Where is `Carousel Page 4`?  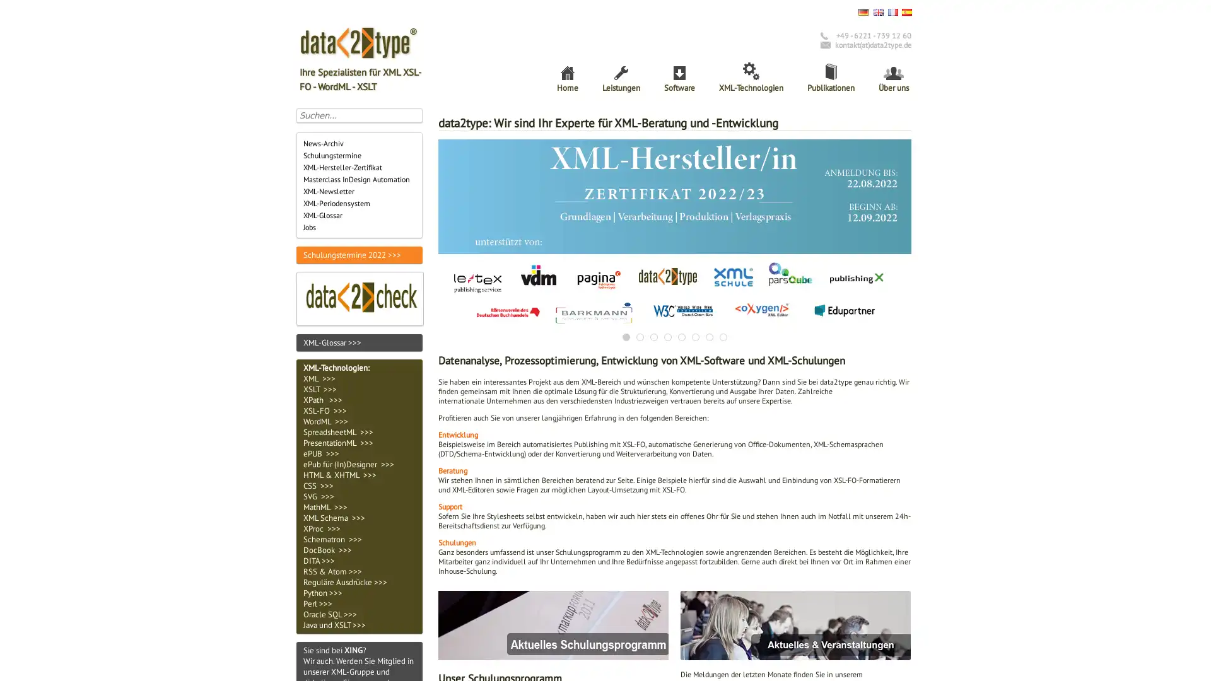
Carousel Page 4 is located at coordinates (667, 335).